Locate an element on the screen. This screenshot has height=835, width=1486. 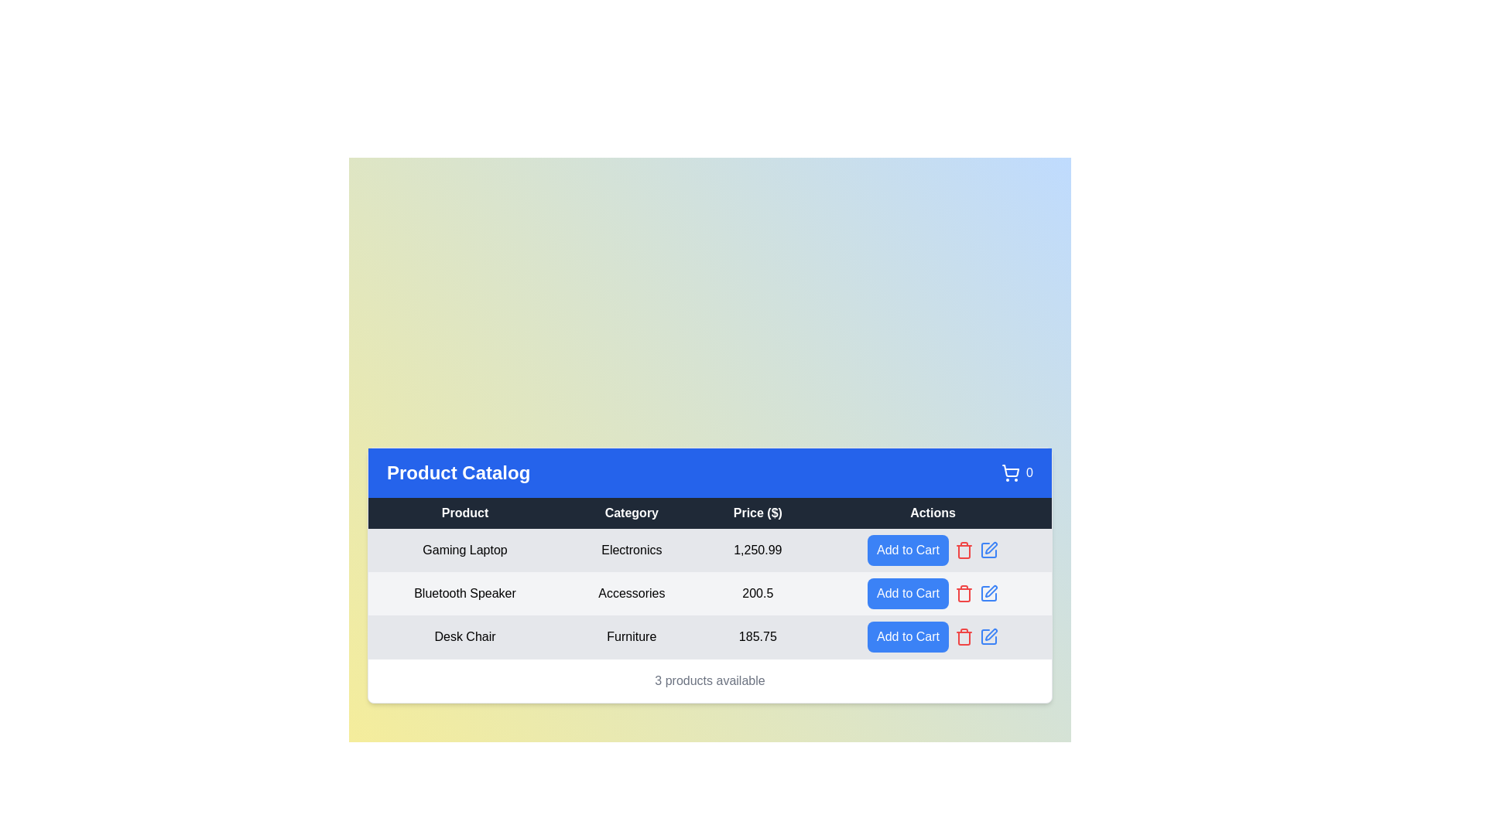
the second row in the product data table displaying details about 'Bluetooth Speaker' for potential highlighting is located at coordinates (709, 592).